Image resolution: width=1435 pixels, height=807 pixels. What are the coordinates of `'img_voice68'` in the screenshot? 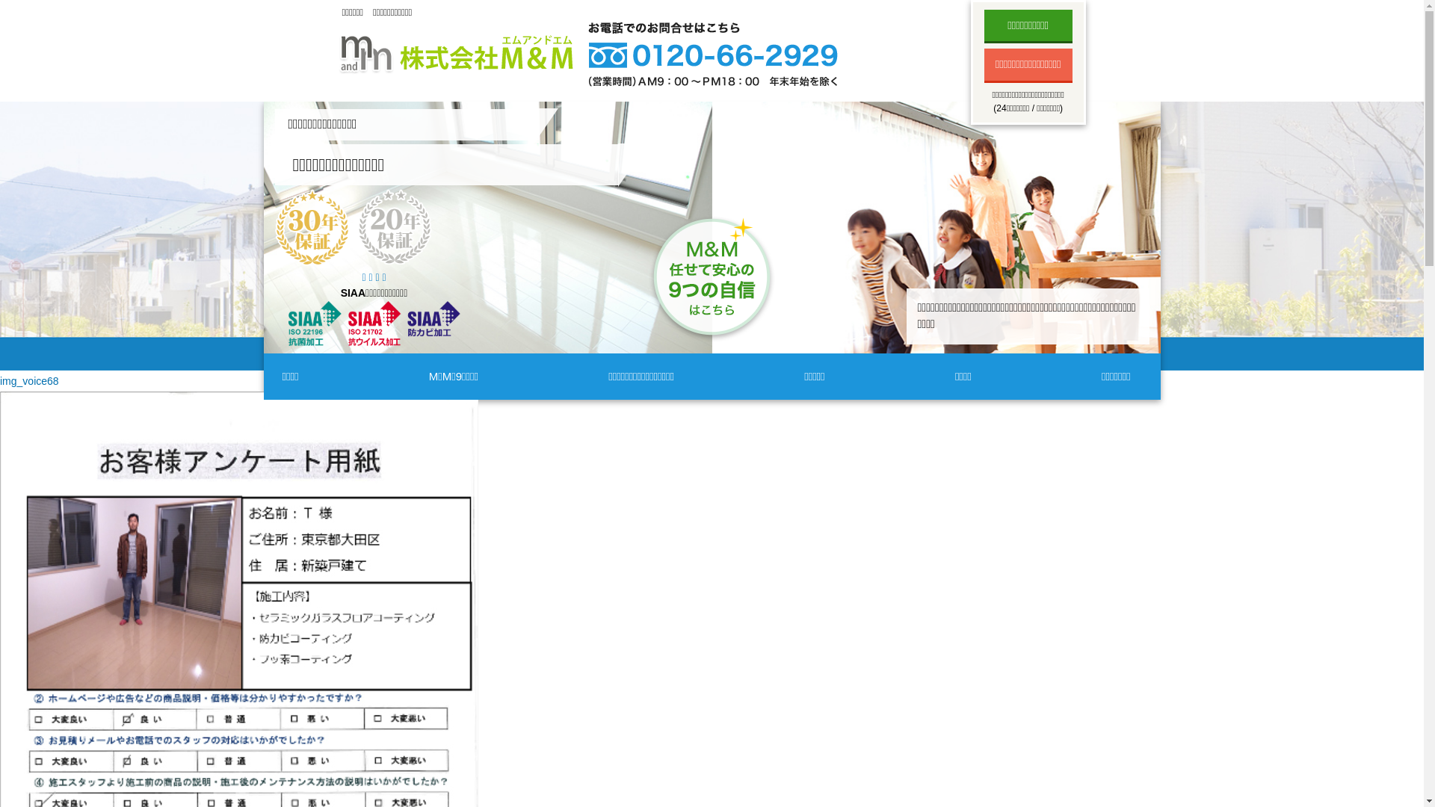 It's located at (29, 380).